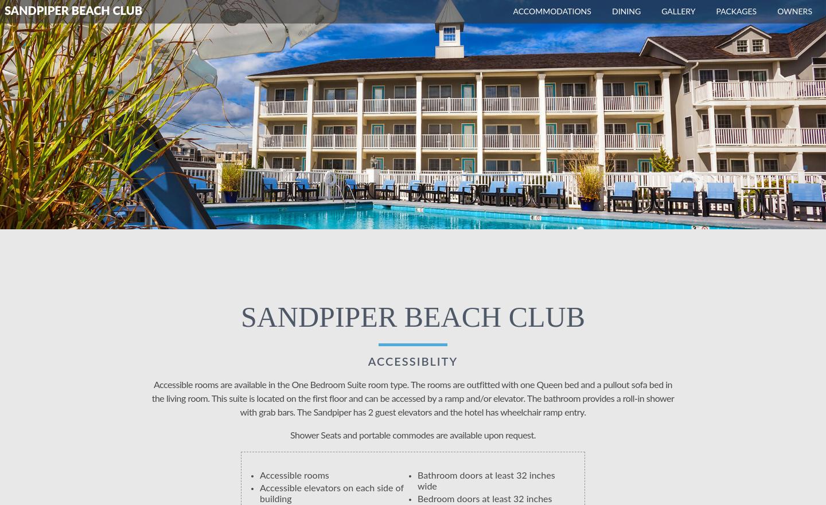 This screenshot has width=826, height=505. Describe the element at coordinates (328, 22) in the screenshot. I see `'Pridwin Activities Calendar'` at that location.